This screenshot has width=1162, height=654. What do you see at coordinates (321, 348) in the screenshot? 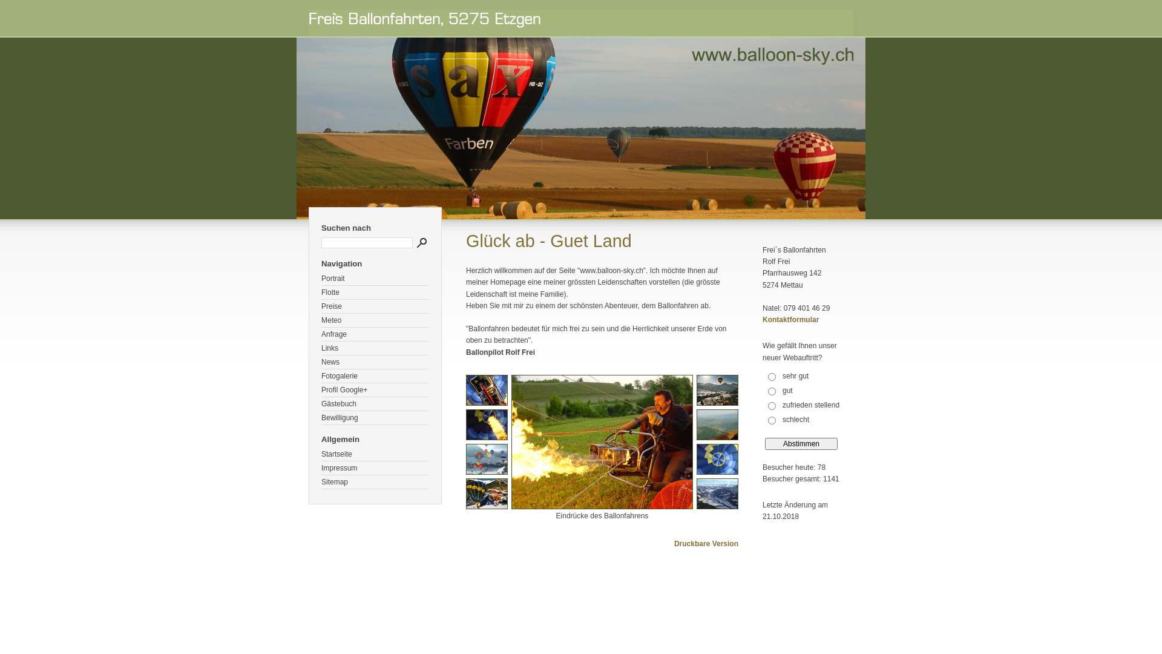
I see `'Links'` at bounding box center [321, 348].